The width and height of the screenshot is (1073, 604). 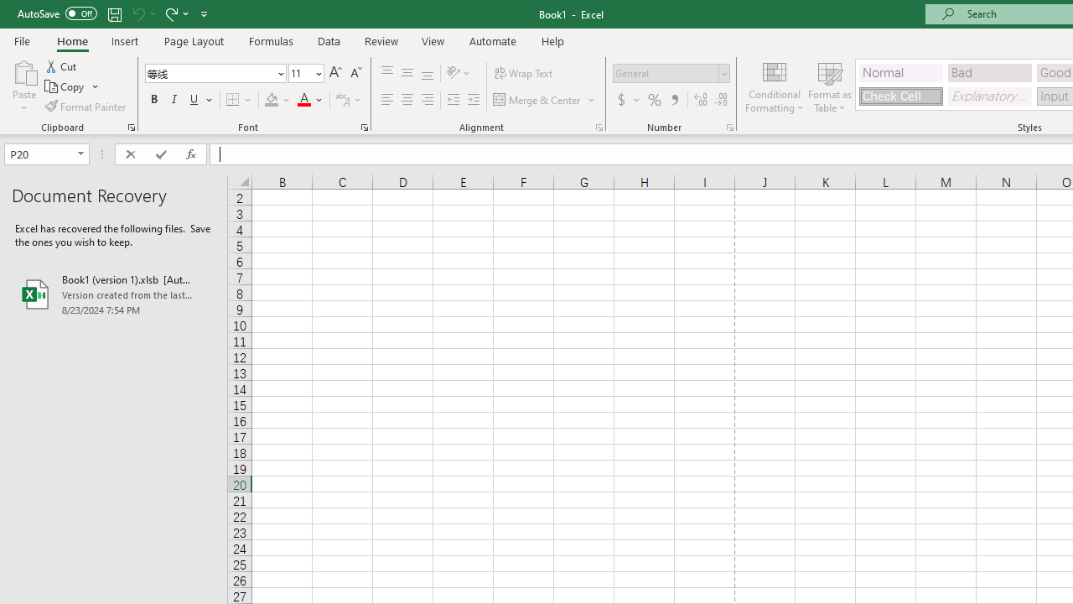 I want to click on 'Fill Color RGB(255, 255, 0)', so click(x=272, y=100).